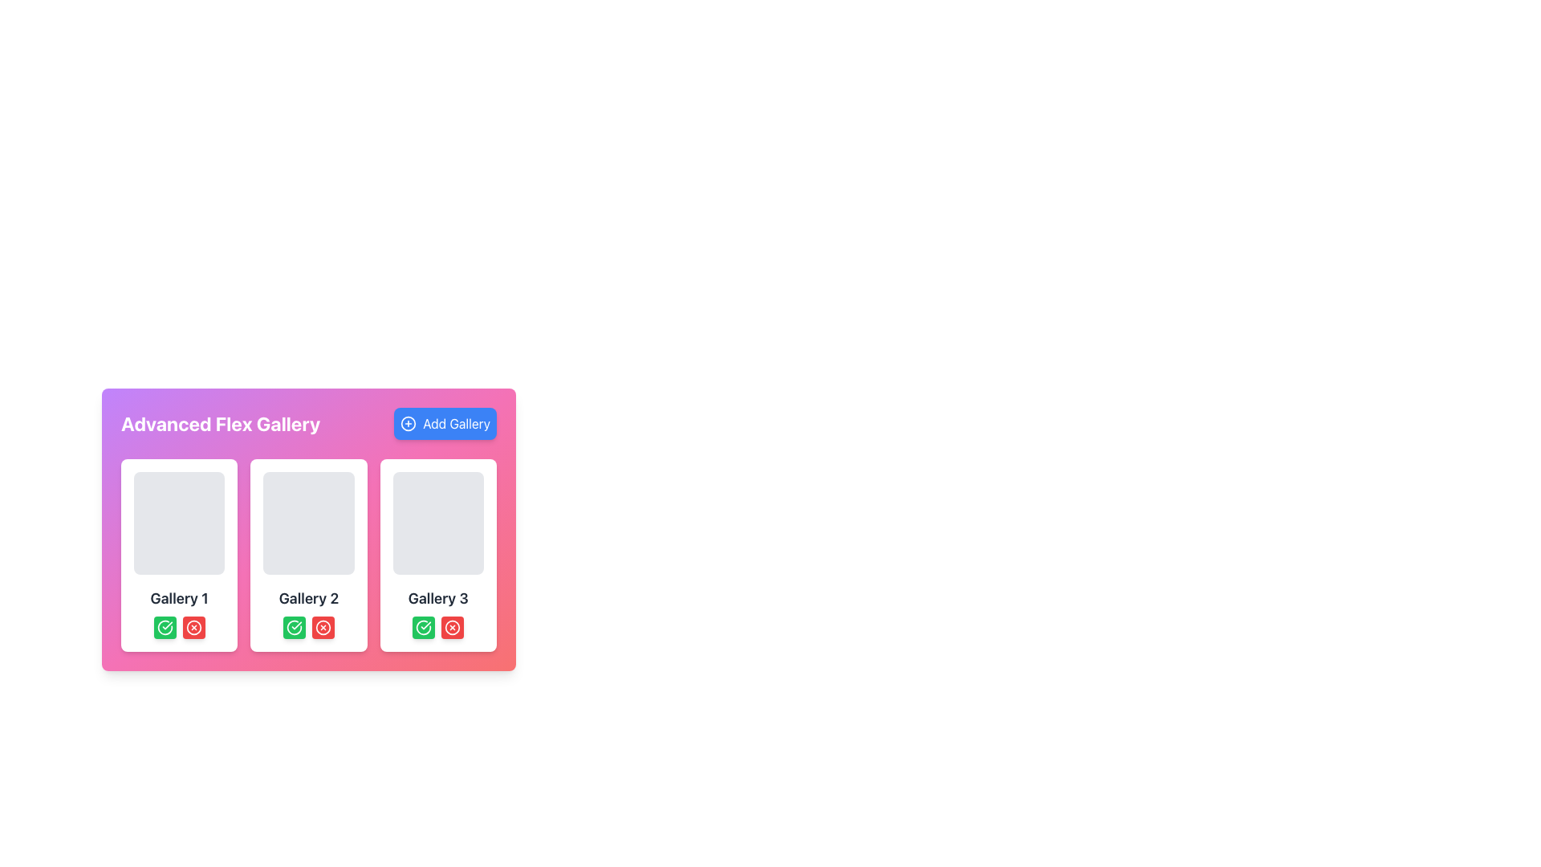 The width and height of the screenshot is (1541, 867). What do you see at coordinates (308, 523) in the screenshot?
I see `the upper region of the box labeled 'Gallery 2', which serves as a placeholder or visual representation for content in the 'Advanced Flex Gallery' section` at bounding box center [308, 523].